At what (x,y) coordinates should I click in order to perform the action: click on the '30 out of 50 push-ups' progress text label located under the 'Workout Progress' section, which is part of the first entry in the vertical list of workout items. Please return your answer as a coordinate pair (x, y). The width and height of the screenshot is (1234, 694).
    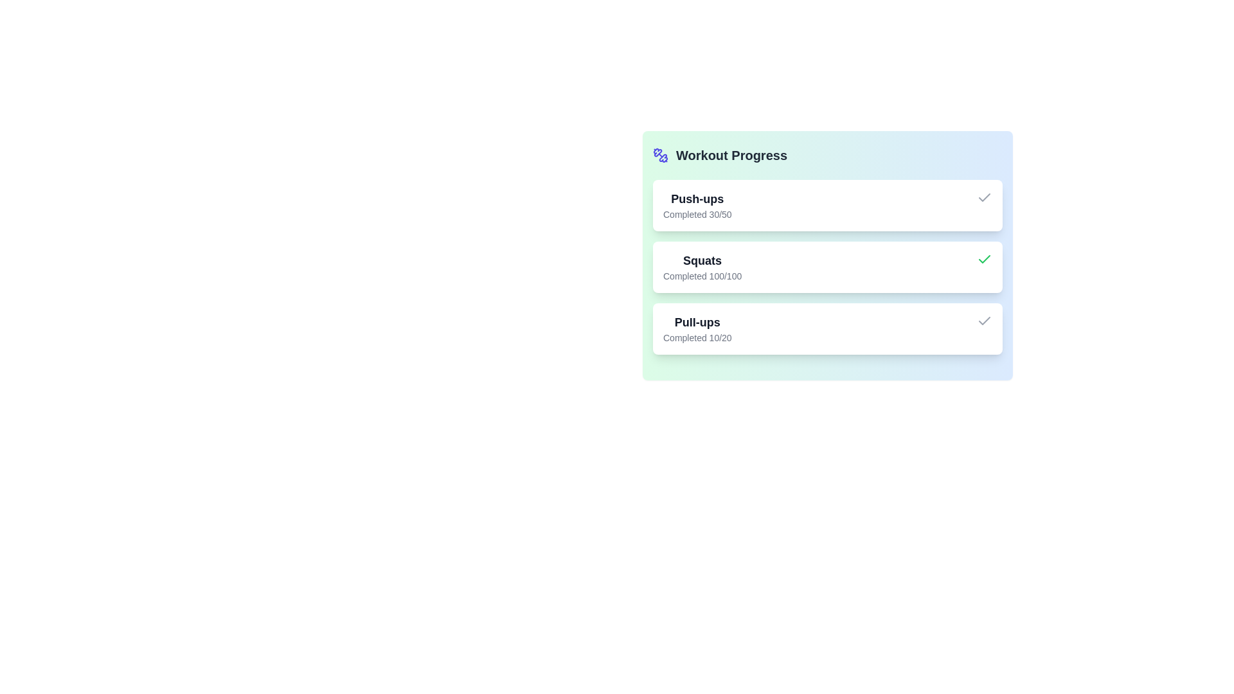
    Looking at the image, I should click on (697, 214).